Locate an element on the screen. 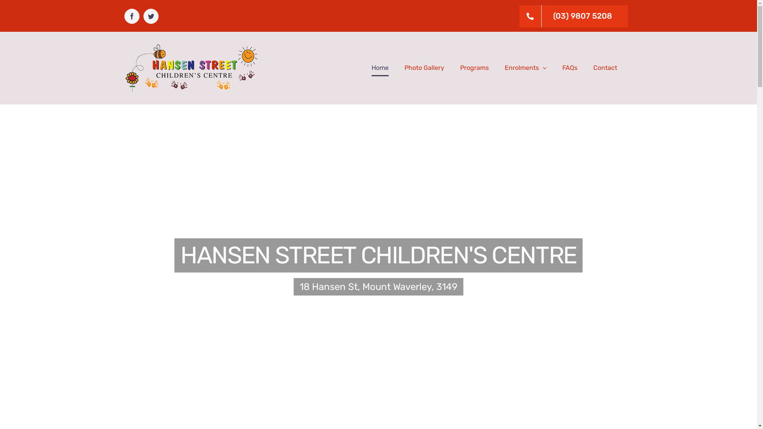  'Photo Gallery' is located at coordinates (424, 67).